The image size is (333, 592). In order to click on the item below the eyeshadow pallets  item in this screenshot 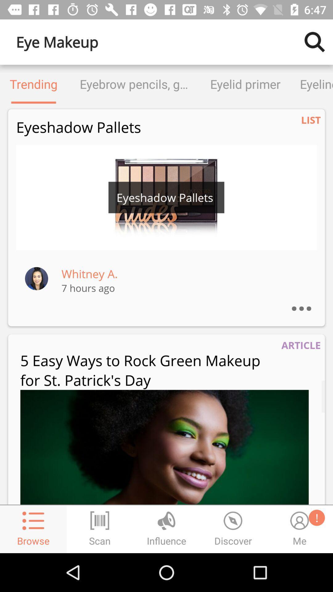, I will do `click(166, 197)`.